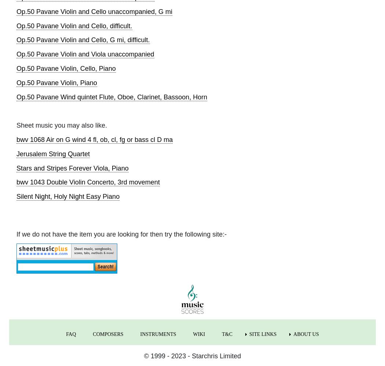 This screenshot has width=385, height=366. What do you see at coordinates (16, 11) in the screenshot?
I see `'Op.50  Pavane  Violin and Cello unaccompanied, G mi'` at bounding box center [16, 11].